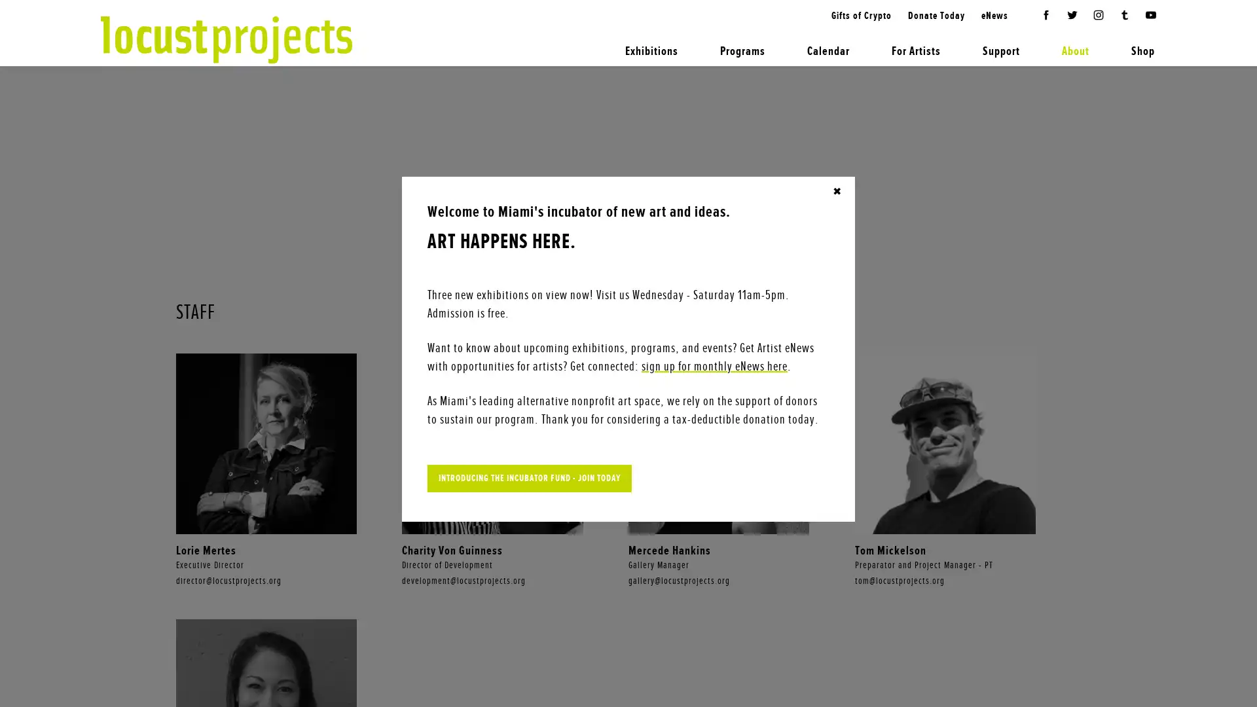  What do you see at coordinates (528, 478) in the screenshot?
I see `INTRODUCING THE INCUBATOR FUND - JOIN TODAY` at bounding box center [528, 478].